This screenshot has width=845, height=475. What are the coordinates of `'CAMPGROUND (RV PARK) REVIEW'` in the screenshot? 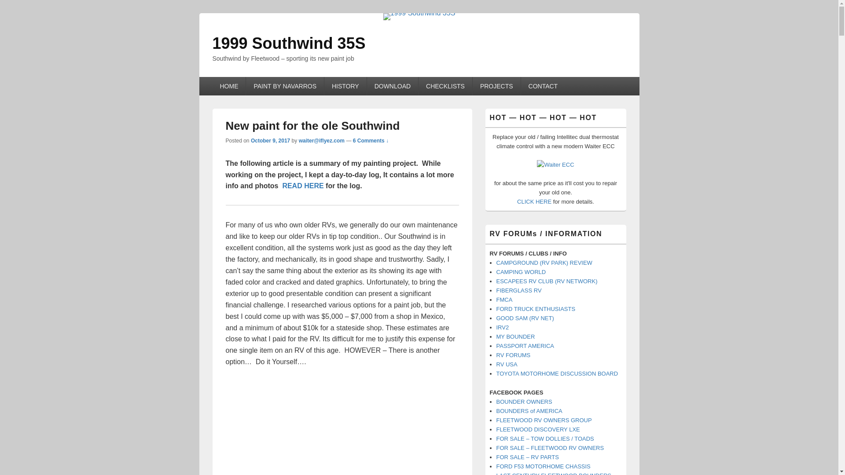 It's located at (544, 262).